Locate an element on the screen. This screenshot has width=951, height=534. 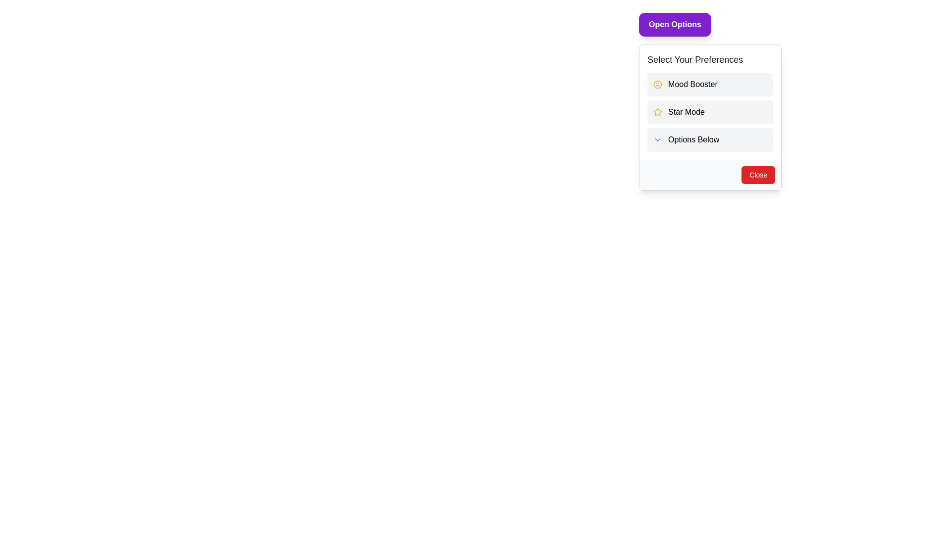
the second interactive button in the menu box is located at coordinates (710, 112).